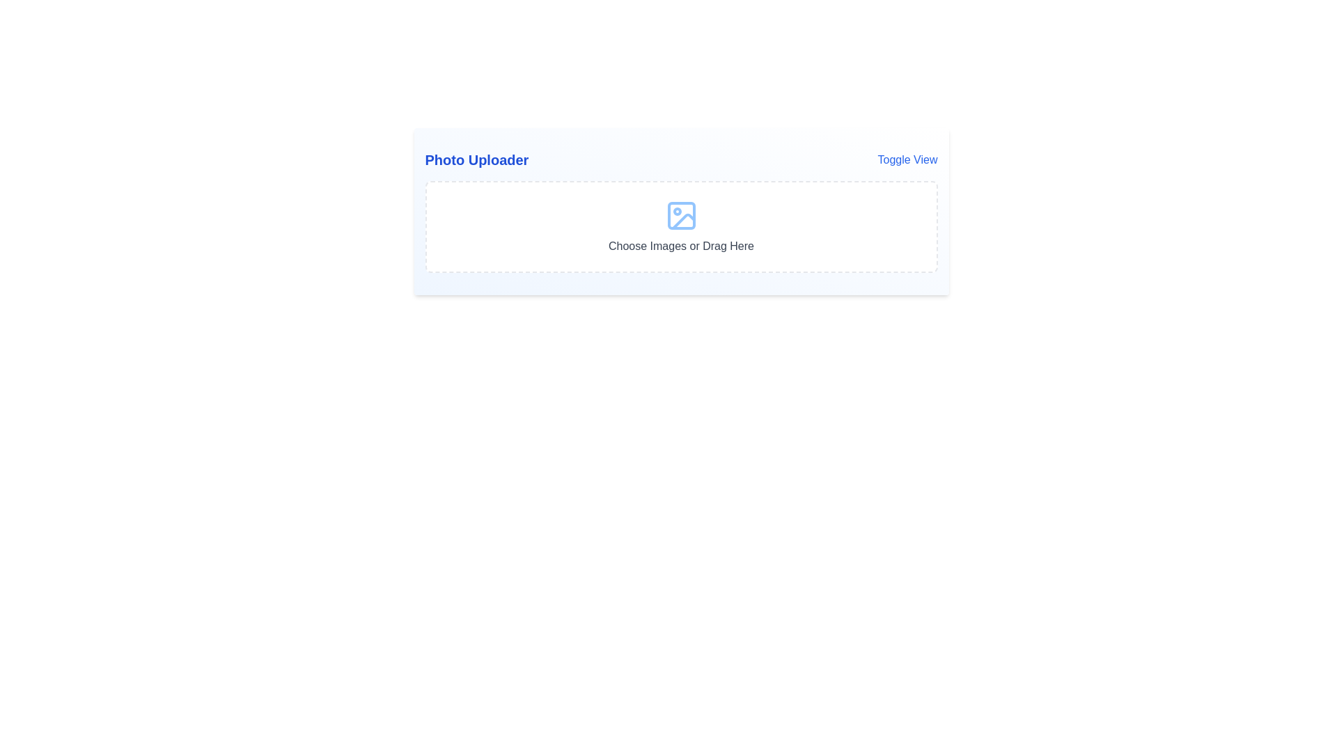 This screenshot has width=1337, height=752. Describe the element at coordinates (681, 226) in the screenshot. I see `the File Upload Drop Zone, which is a central interactive area with the phrase 'Choose Images or Drag Here' and a blue image placeholder icon` at that location.